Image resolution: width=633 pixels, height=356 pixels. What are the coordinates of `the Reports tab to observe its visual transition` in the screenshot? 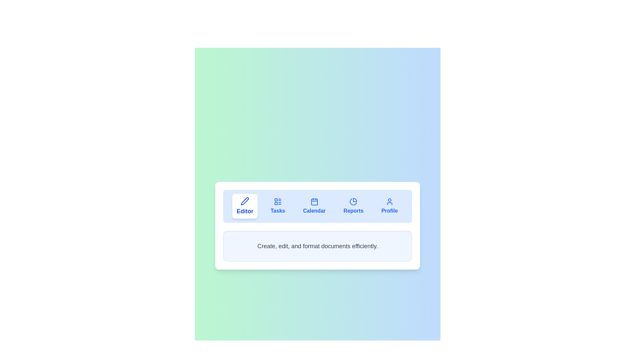 It's located at (353, 206).